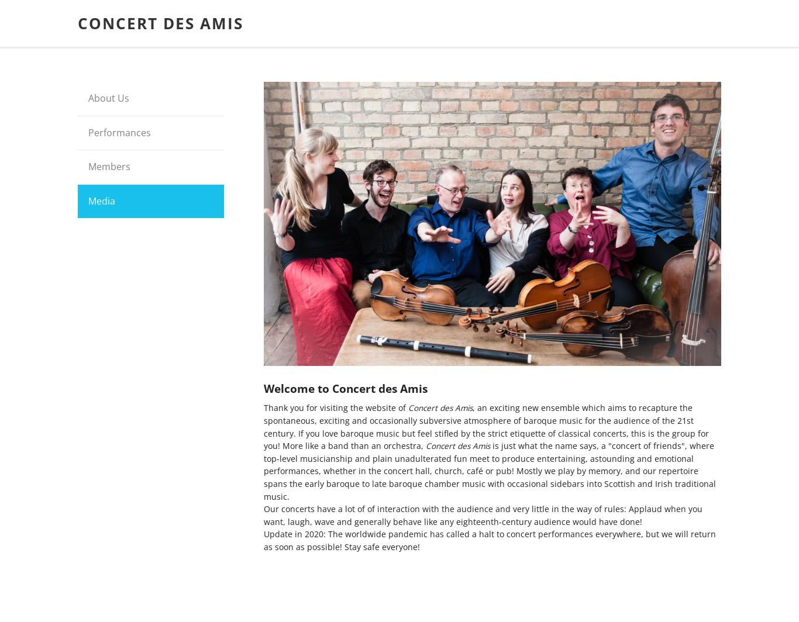 This screenshot has width=799, height=622. Describe the element at coordinates (483, 515) in the screenshot. I see `'Our concerts have a lot of of interaction with the audience and very little in the way of rules: Applaud when you want, laugh, wave and generally behave like any eighteenth-century audience would have done!'` at that location.